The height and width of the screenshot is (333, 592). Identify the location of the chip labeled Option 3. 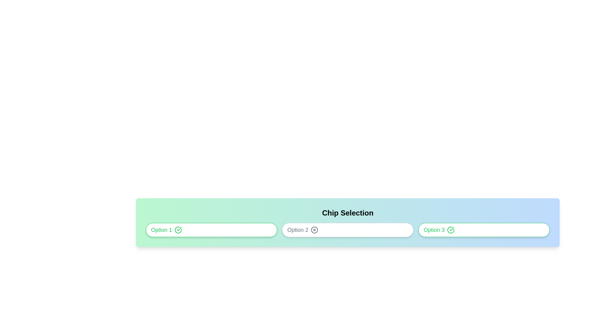
(483, 230).